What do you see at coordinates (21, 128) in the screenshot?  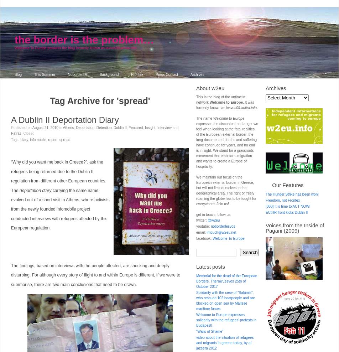 I see `'Published on'` at bounding box center [21, 128].